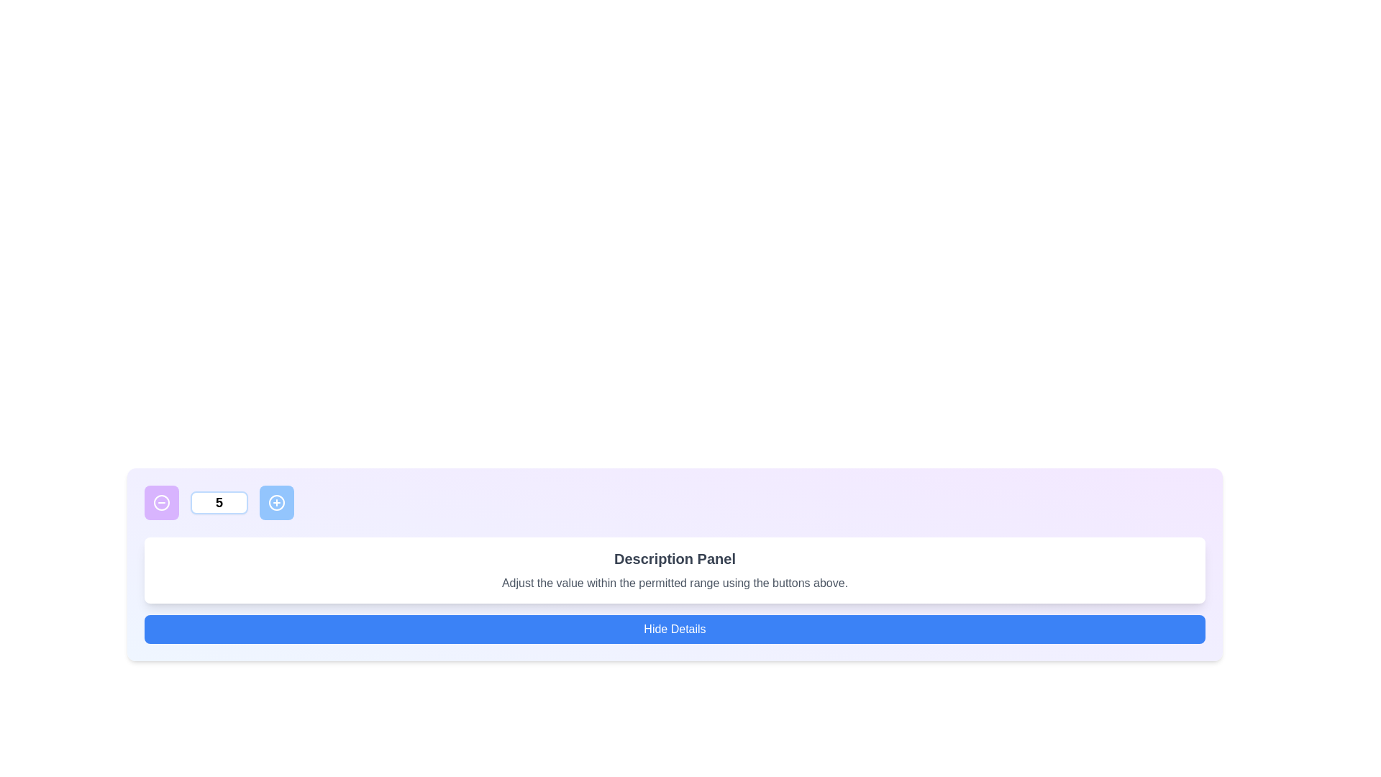 This screenshot has width=1381, height=777. What do you see at coordinates (674, 583) in the screenshot?
I see `the static text element displaying the instructional phrase 'Adjust the value within the permitted range using the buttons above.' located below the 'Description Panel' header` at bounding box center [674, 583].